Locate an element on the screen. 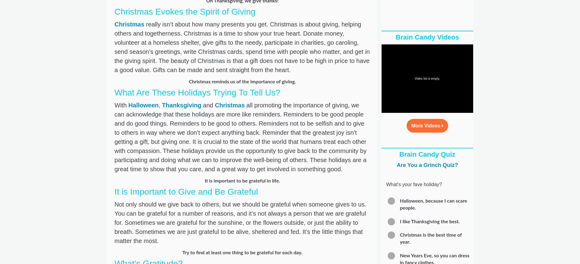  '/' is located at coordinates (407, 108).